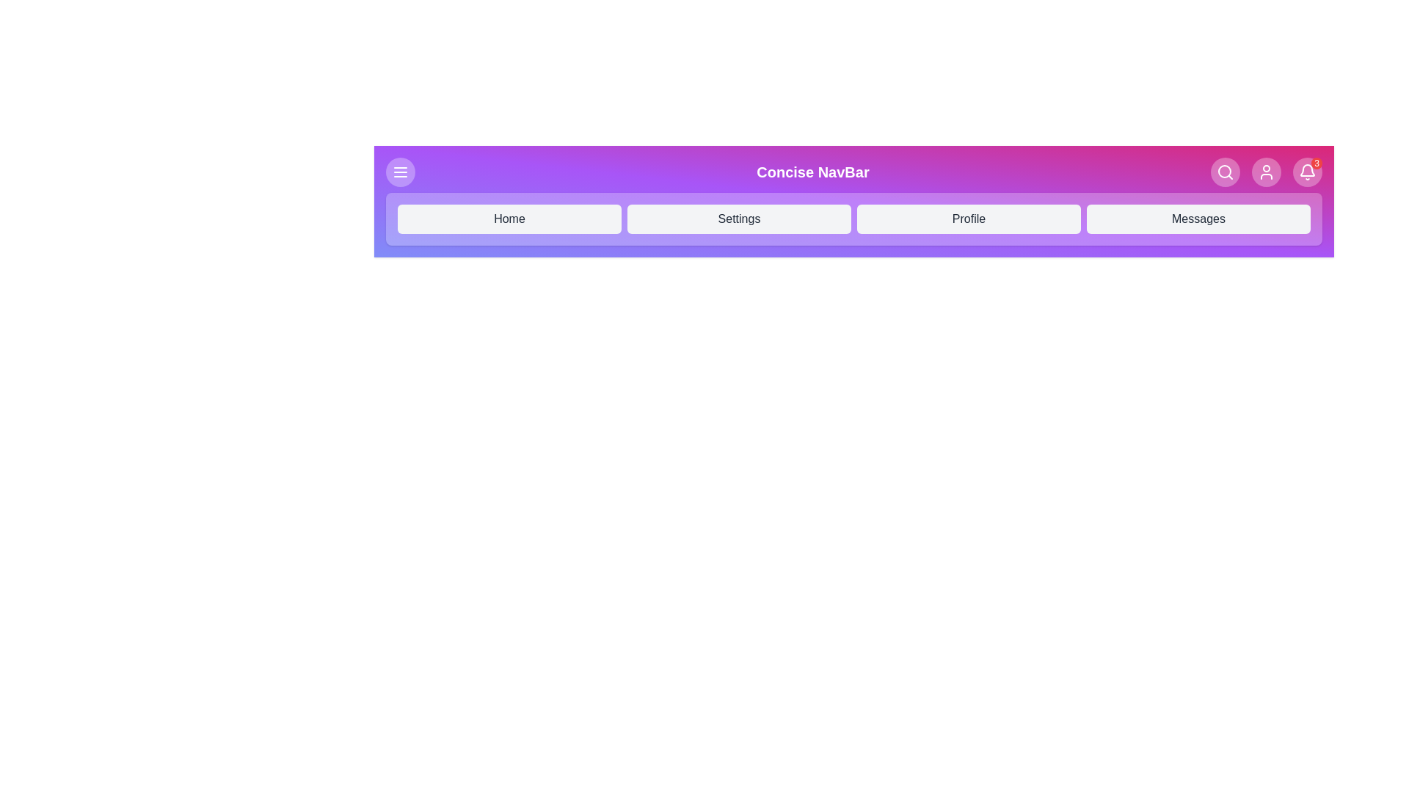 The width and height of the screenshot is (1409, 792). I want to click on the menu button to toggle the menu visibility, so click(401, 172).